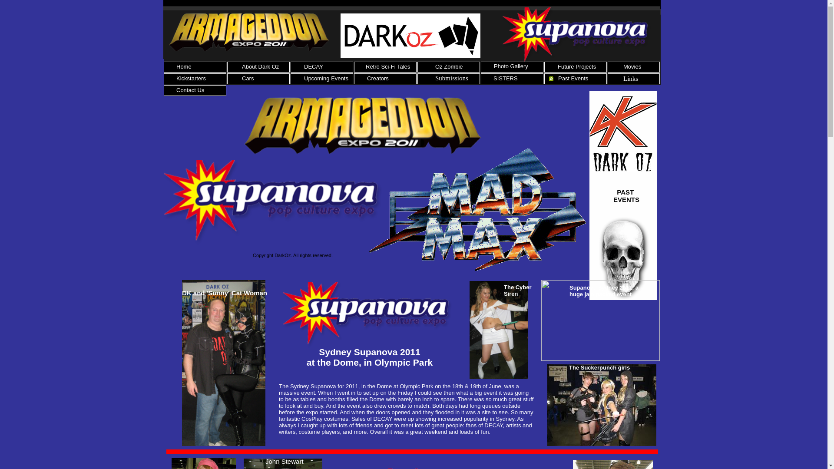 This screenshot has height=469, width=834. What do you see at coordinates (191, 78) in the screenshot?
I see `'Kickstarters'` at bounding box center [191, 78].